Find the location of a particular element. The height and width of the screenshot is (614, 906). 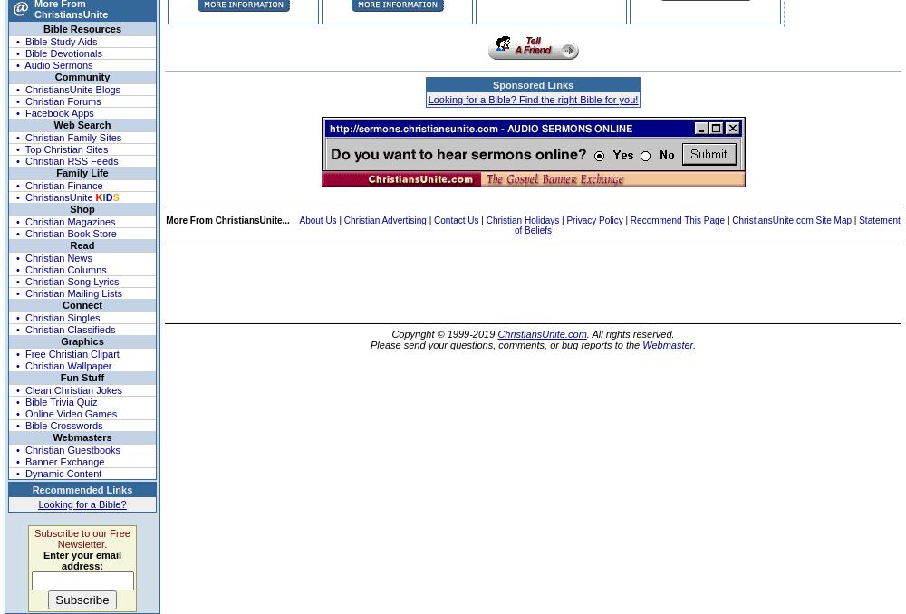

'•  Christian Mailing Lists' is located at coordinates (68, 292).